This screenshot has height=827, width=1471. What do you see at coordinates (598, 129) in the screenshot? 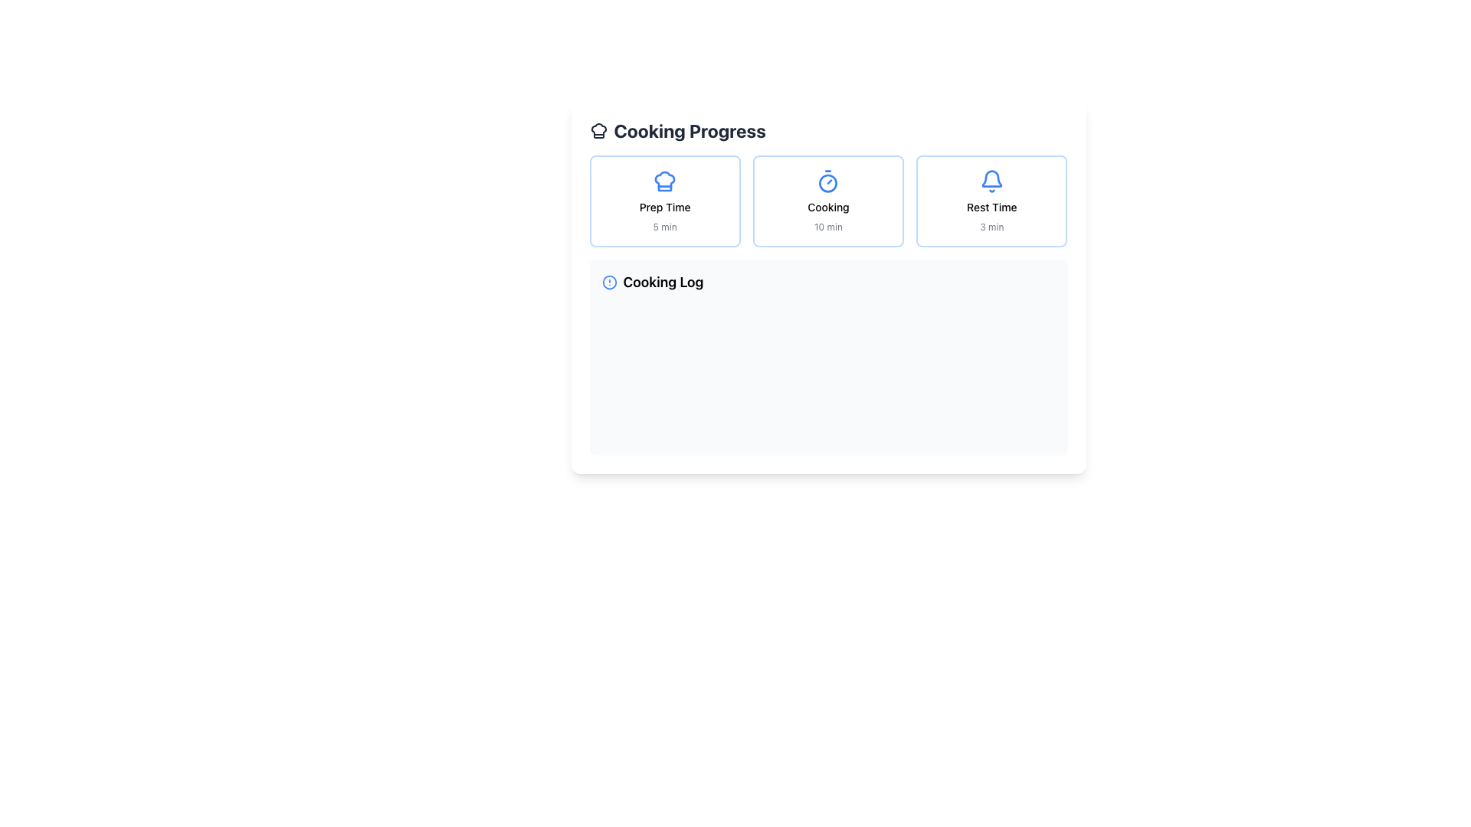
I see `the minimalist dark-colored chef's hat icon in the 'Cooking Progress' section, which serves as a visual indicator for related information` at bounding box center [598, 129].